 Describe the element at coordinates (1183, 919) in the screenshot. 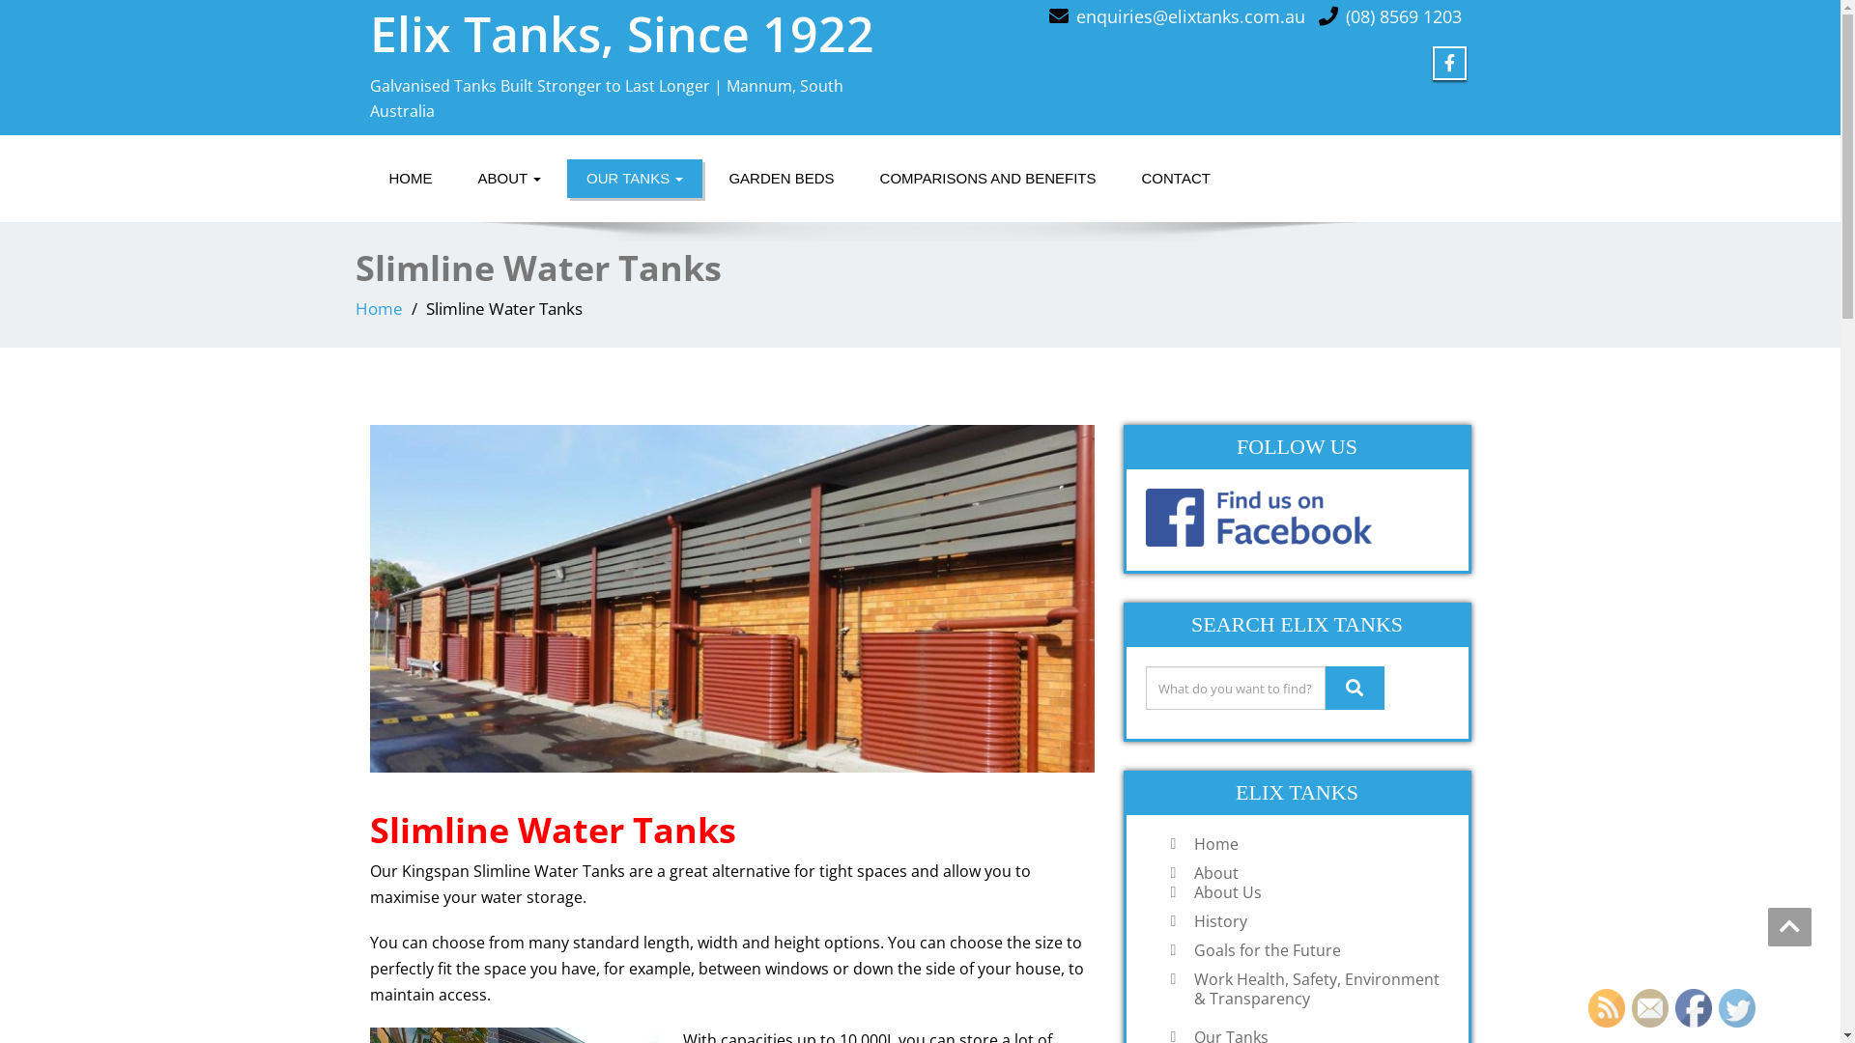

I see `'History'` at that location.